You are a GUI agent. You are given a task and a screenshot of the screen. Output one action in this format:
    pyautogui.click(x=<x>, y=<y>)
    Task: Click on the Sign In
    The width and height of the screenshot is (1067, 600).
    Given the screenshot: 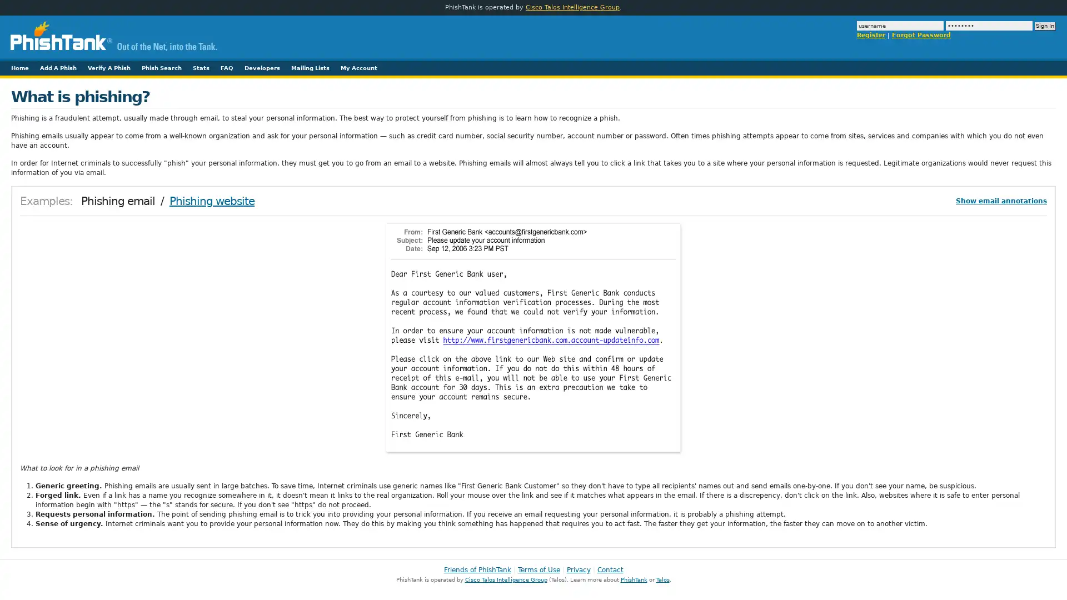 What is the action you would take?
    pyautogui.click(x=1045, y=26)
    